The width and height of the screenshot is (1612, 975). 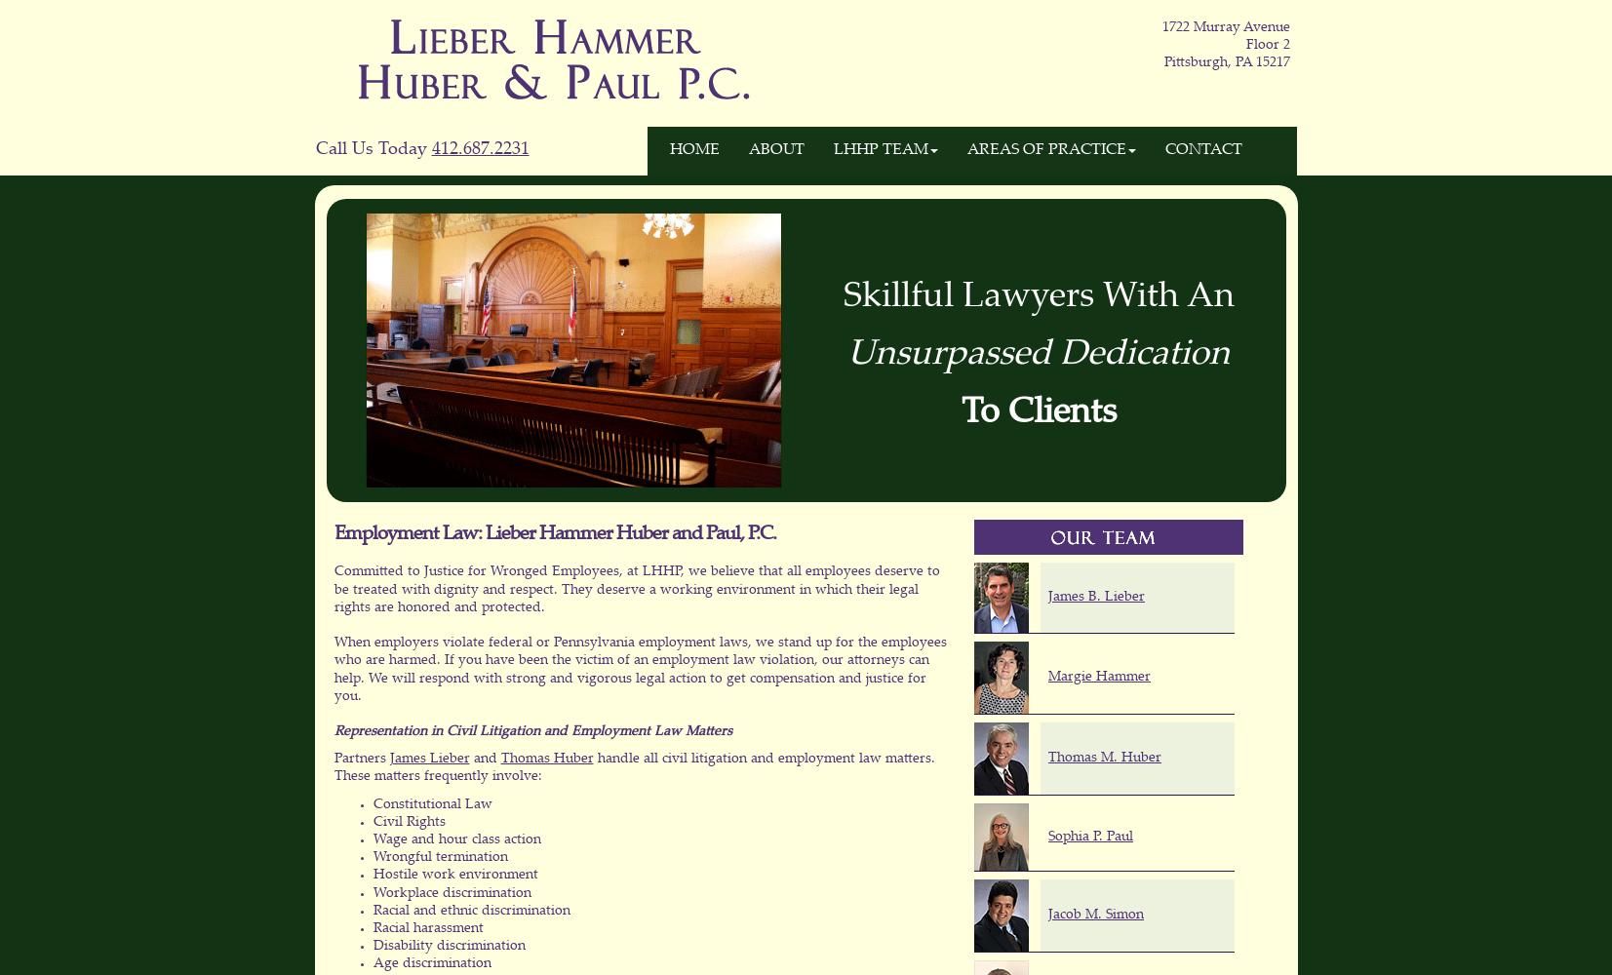 I want to click on 'Workplace discrimination', so click(x=451, y=893).